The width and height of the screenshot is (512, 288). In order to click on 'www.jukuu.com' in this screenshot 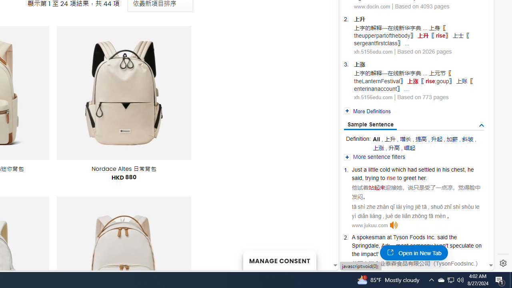, I will do `click(369, 225)`.